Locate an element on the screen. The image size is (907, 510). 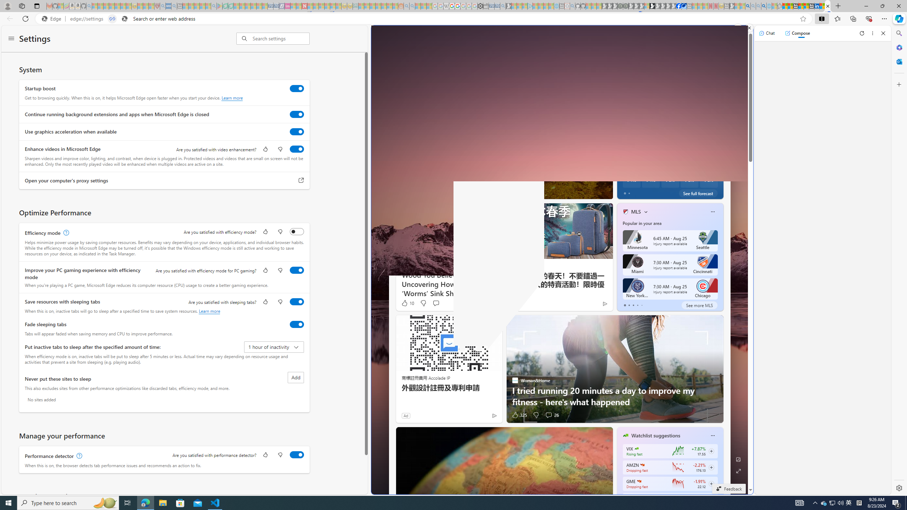
'Partly sunny' is located at coordinates (630, 118).